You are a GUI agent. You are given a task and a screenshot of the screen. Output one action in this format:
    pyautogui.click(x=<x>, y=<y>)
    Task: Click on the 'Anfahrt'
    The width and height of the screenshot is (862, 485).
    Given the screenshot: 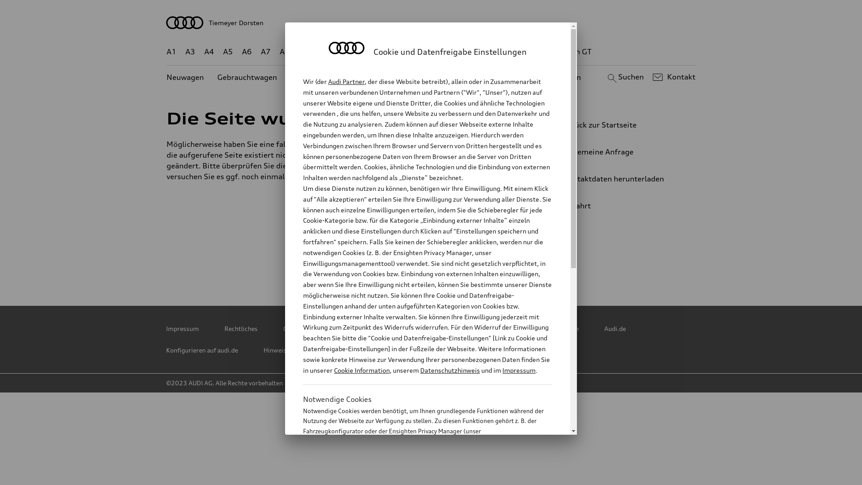 What is the action you would take?
    pyautogui.click(x=621, y=206)
    